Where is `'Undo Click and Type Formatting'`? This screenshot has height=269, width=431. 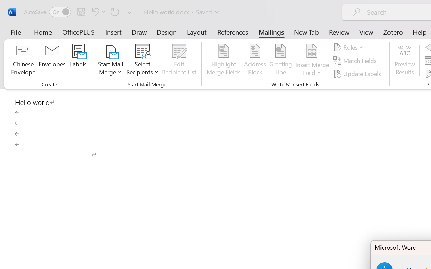 'Undo Click and Type Formatting' is located at coordinates (94, 11).